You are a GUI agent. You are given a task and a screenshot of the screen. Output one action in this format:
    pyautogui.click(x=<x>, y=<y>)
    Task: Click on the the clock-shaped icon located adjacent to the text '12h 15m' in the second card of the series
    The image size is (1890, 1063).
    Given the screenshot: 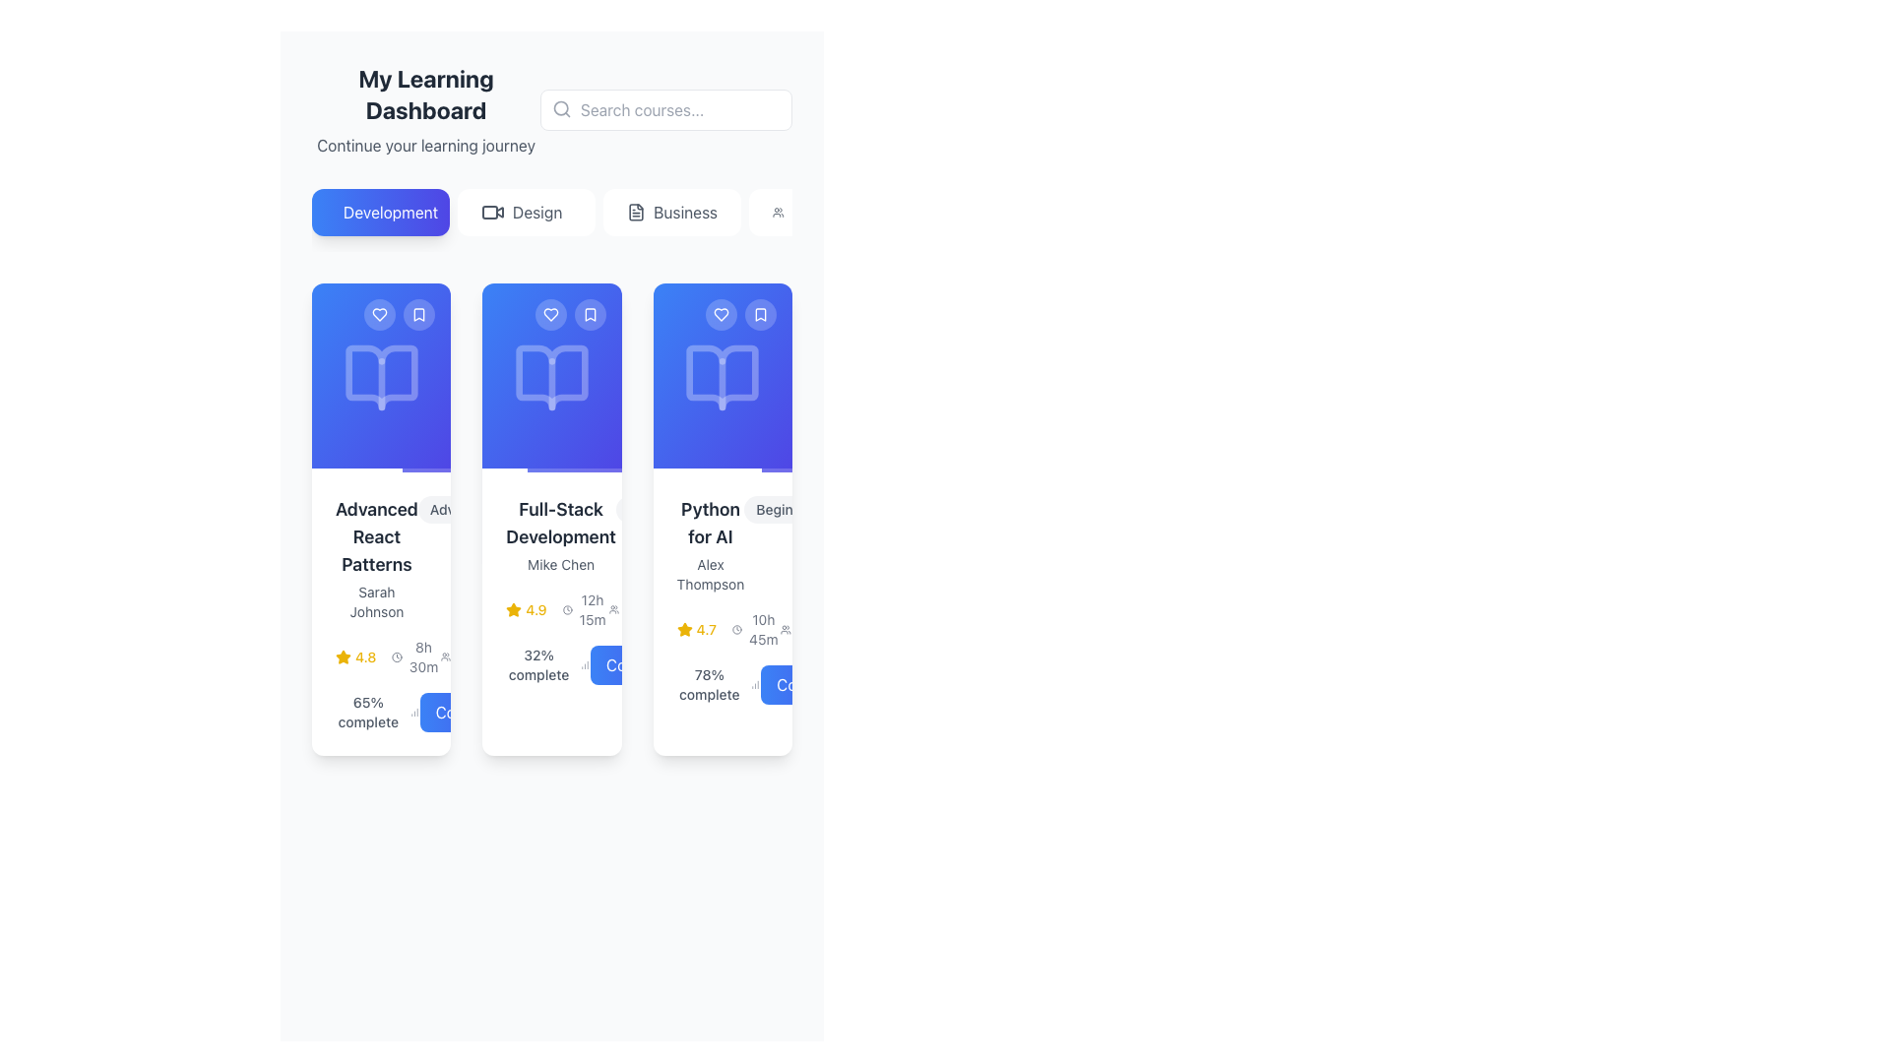 What is the action you would take?
    pyautogui.click(x=566, y=609)
    